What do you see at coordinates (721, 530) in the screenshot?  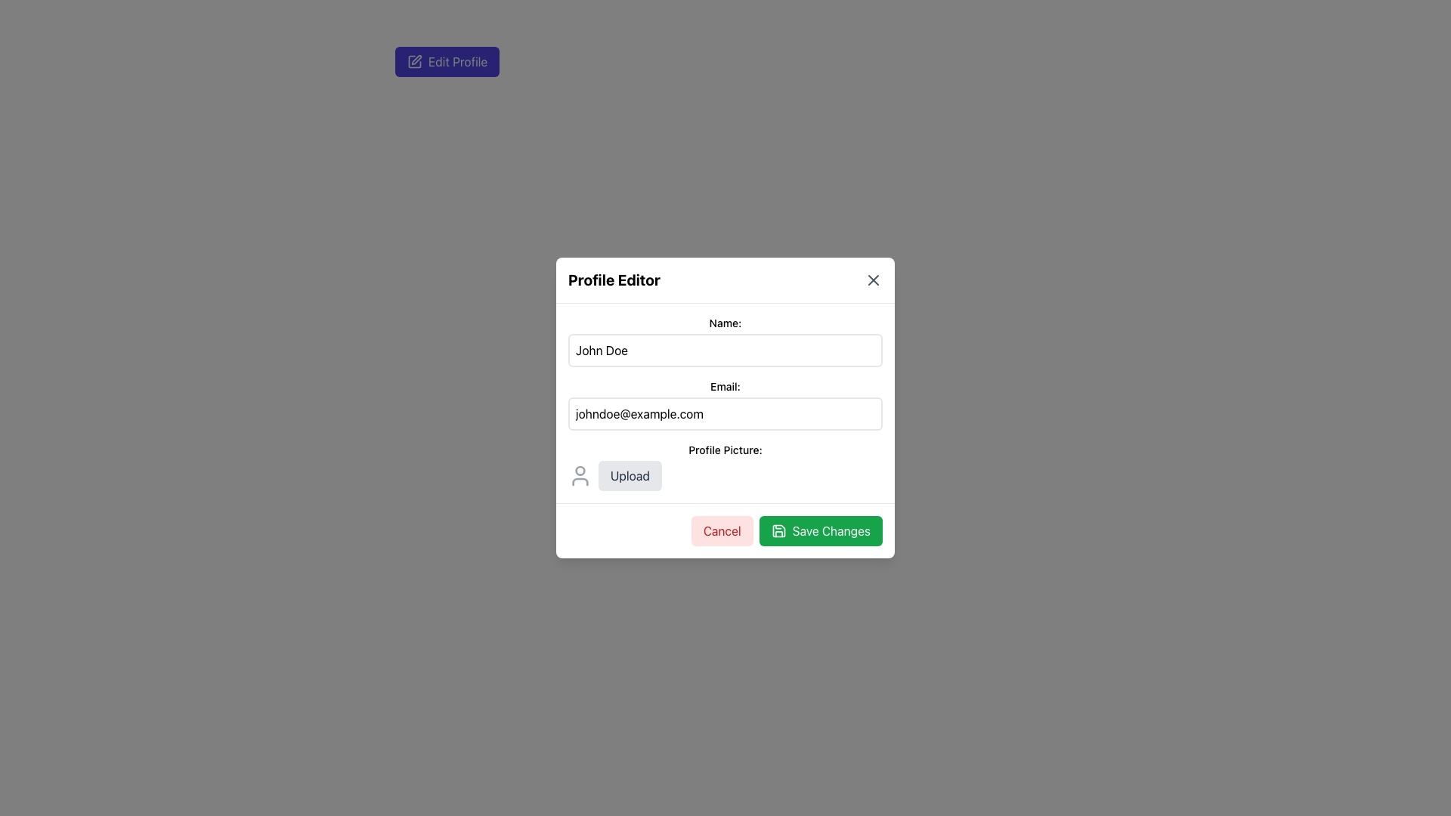 I see `the cancel button in the 'Profile Editor' modal` at bounding box center [721, 530].